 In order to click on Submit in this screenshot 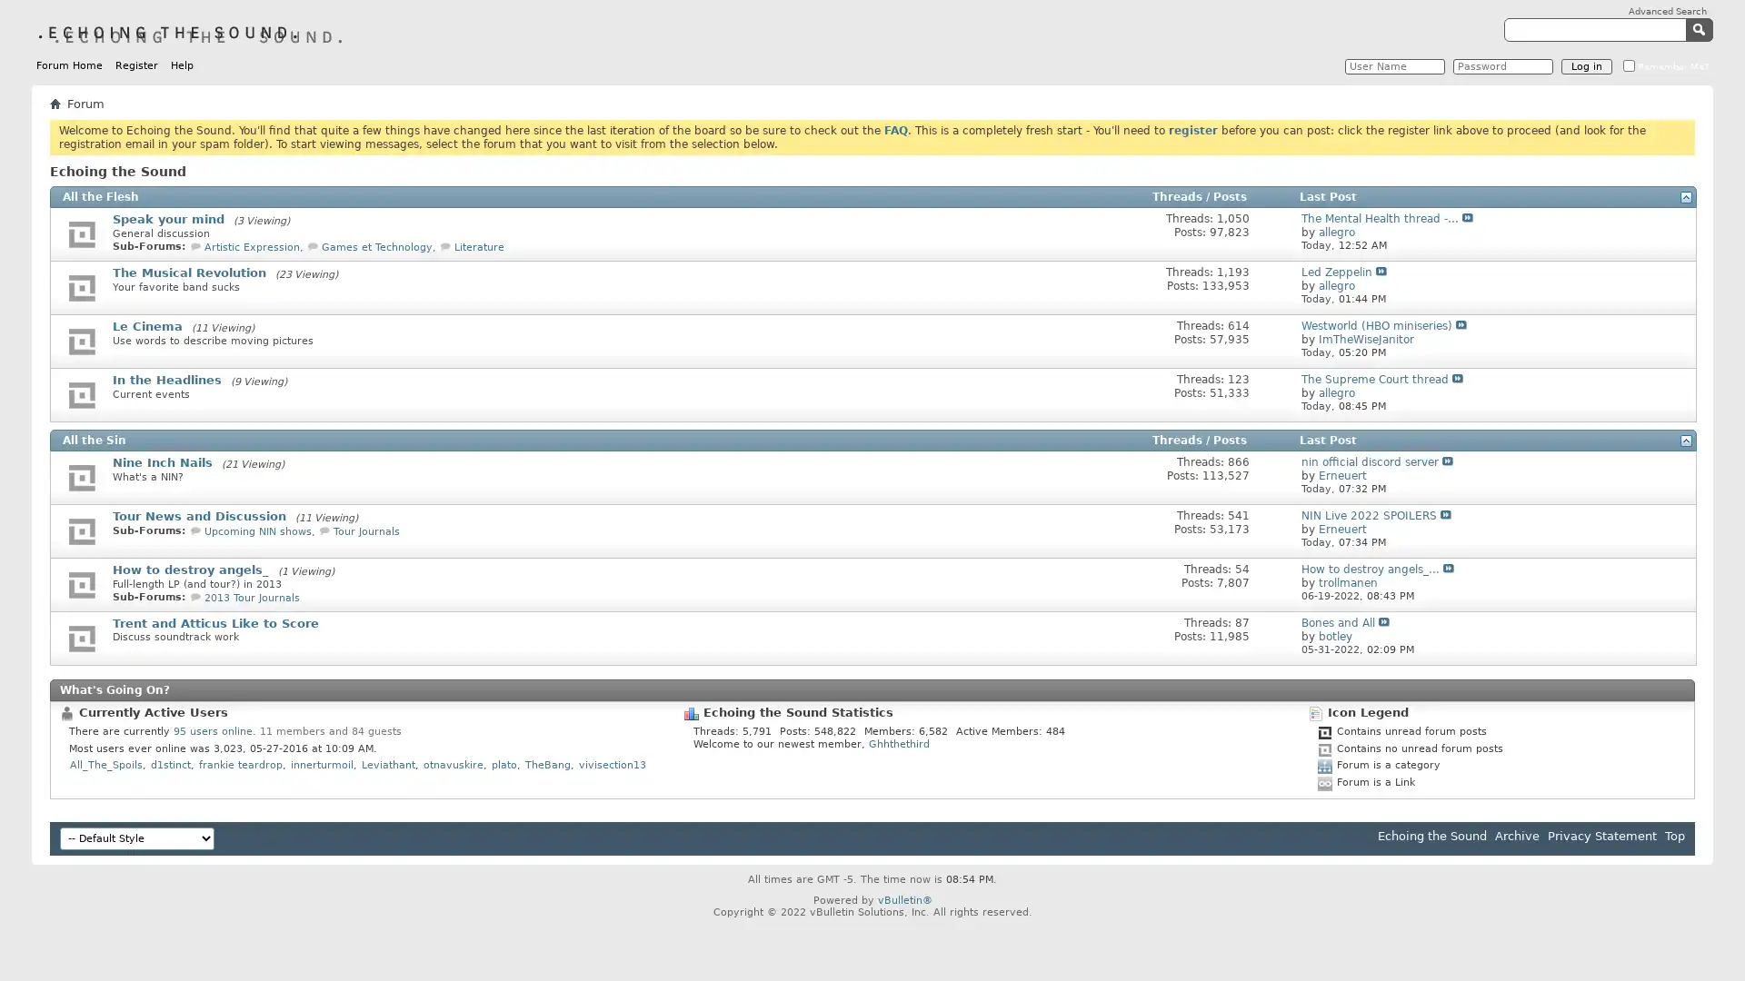, I will do `click(1700, 28)`.